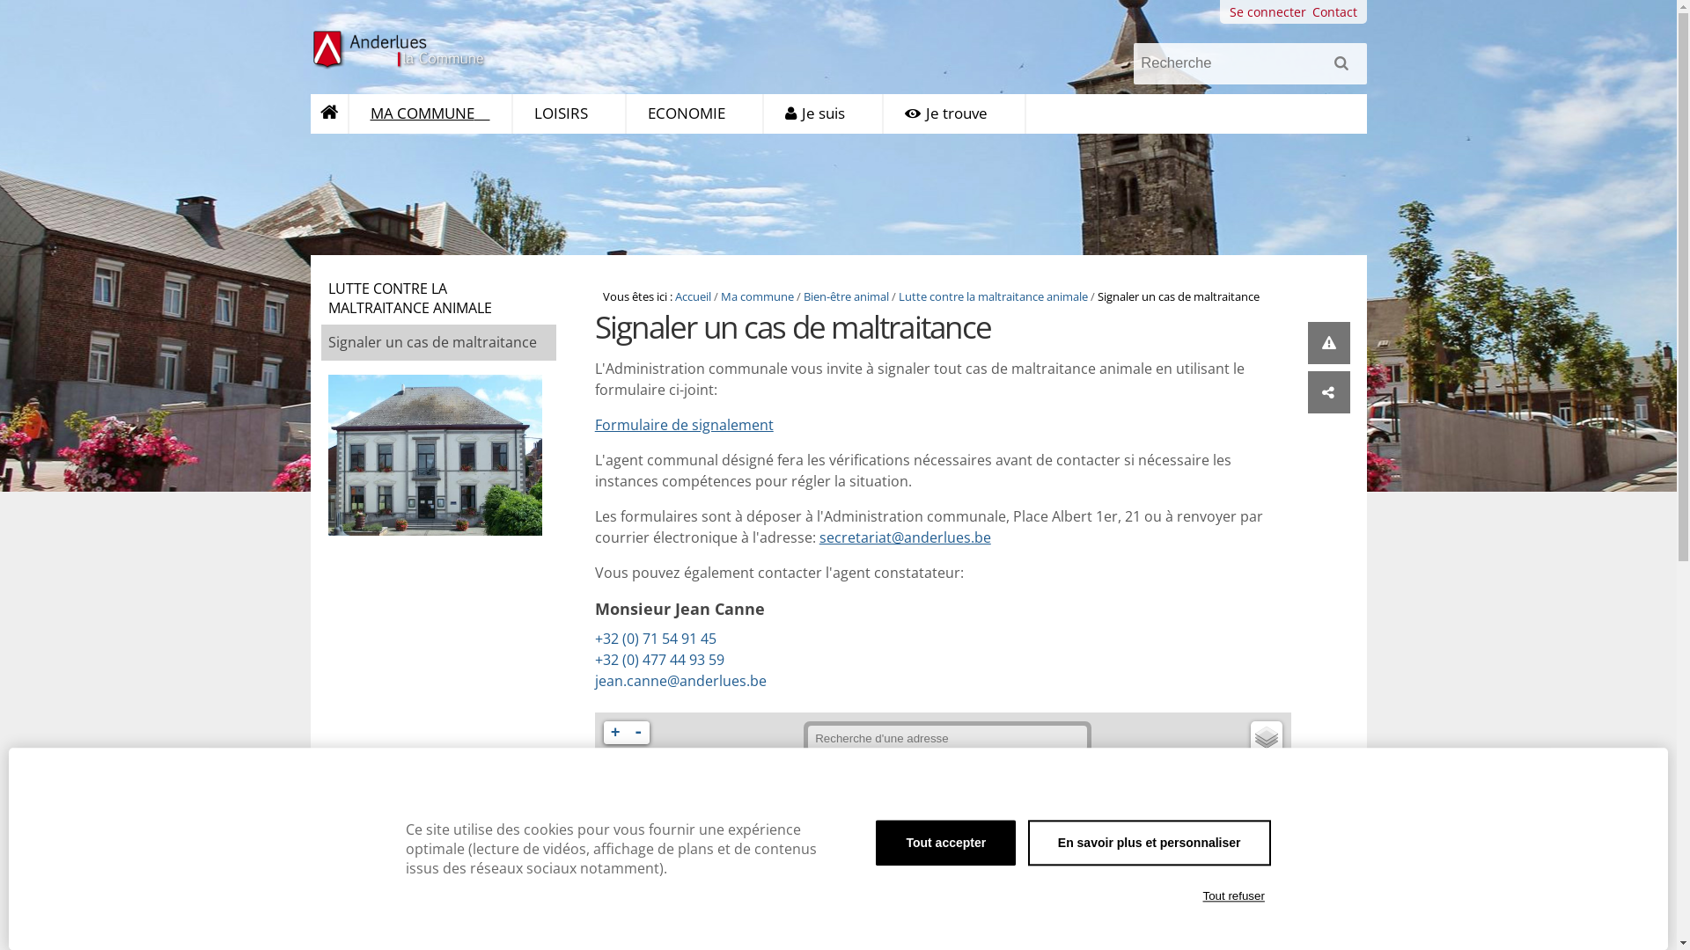 The width and height of the screenshot is (1690, 950). Describe the element at coordinates (944, 841) in the screenshot. I see `'Tout accepter'` at that location.